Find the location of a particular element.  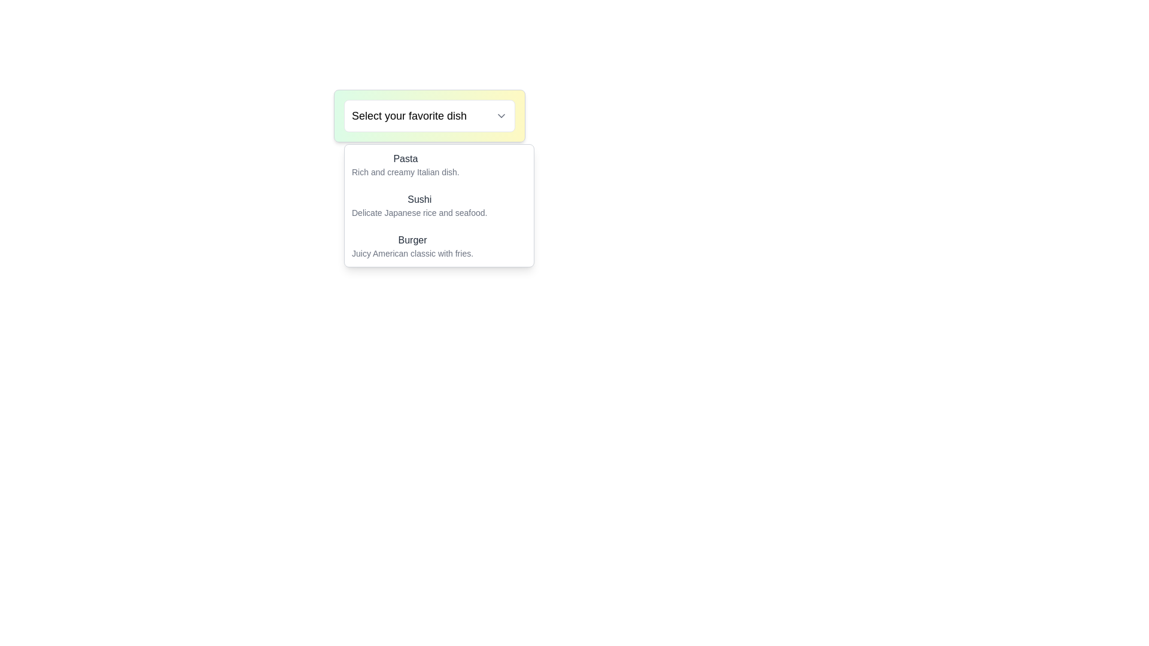

the 'Burger' menu option located in the dropdown menu, which is the third item featuring a prominent title and a description beneath is located at coordinates (439, 246).